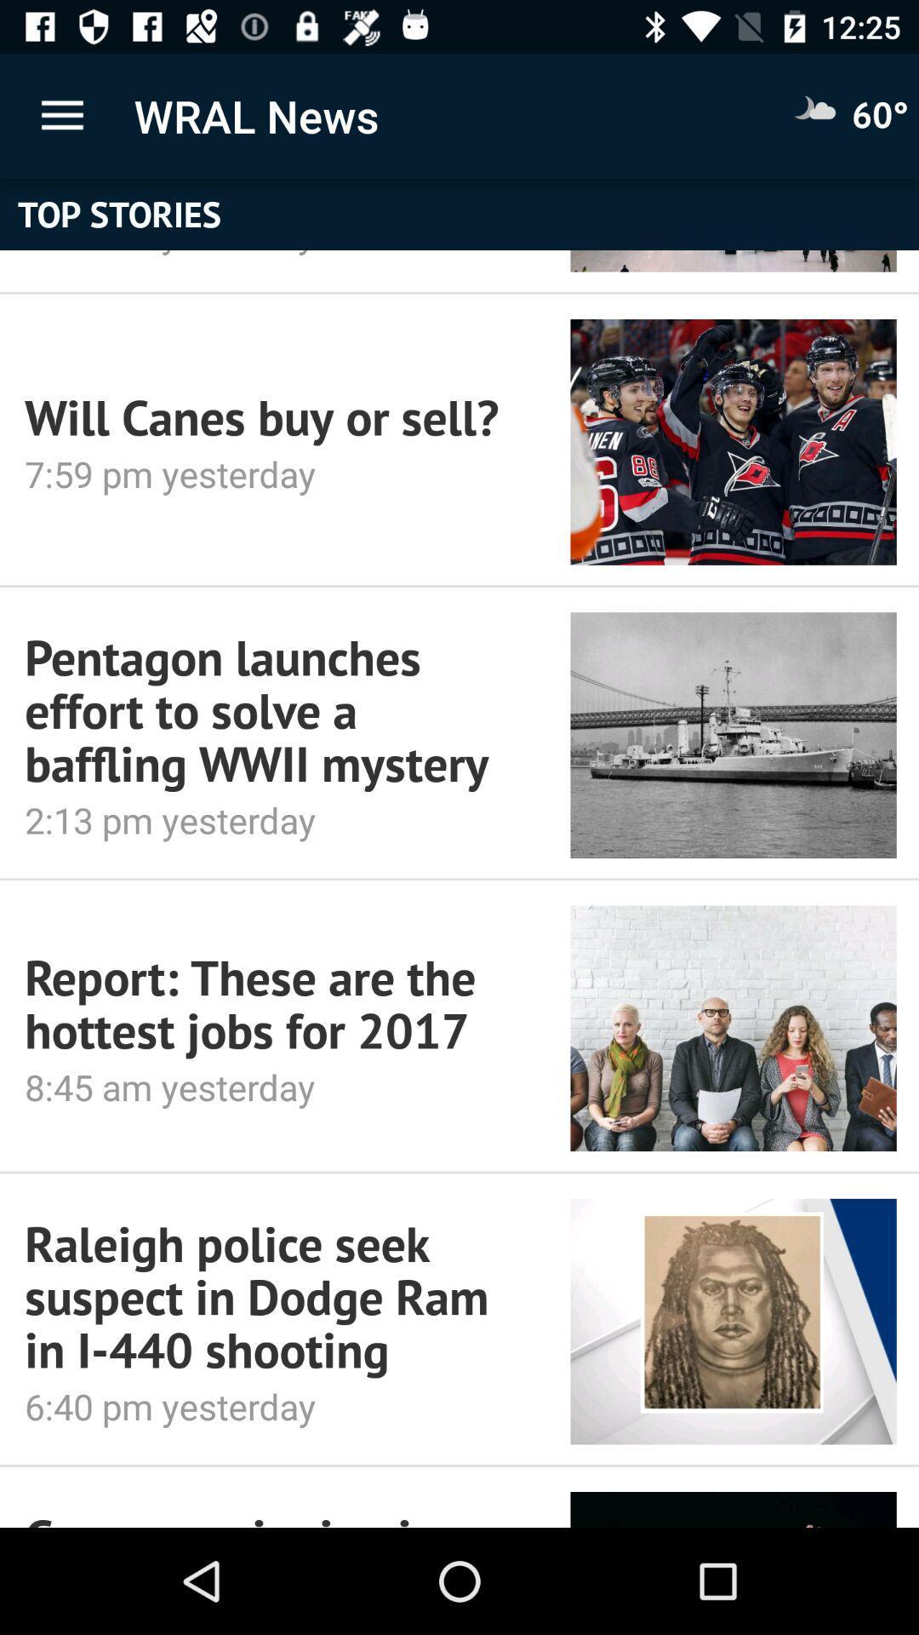 Image resolution: width=919 pixels, height=1635 pixels. What do you see at coordinates (273, 1086) in the screenshot?
I see `8 45 am item` at bounding box center [273, 1086].